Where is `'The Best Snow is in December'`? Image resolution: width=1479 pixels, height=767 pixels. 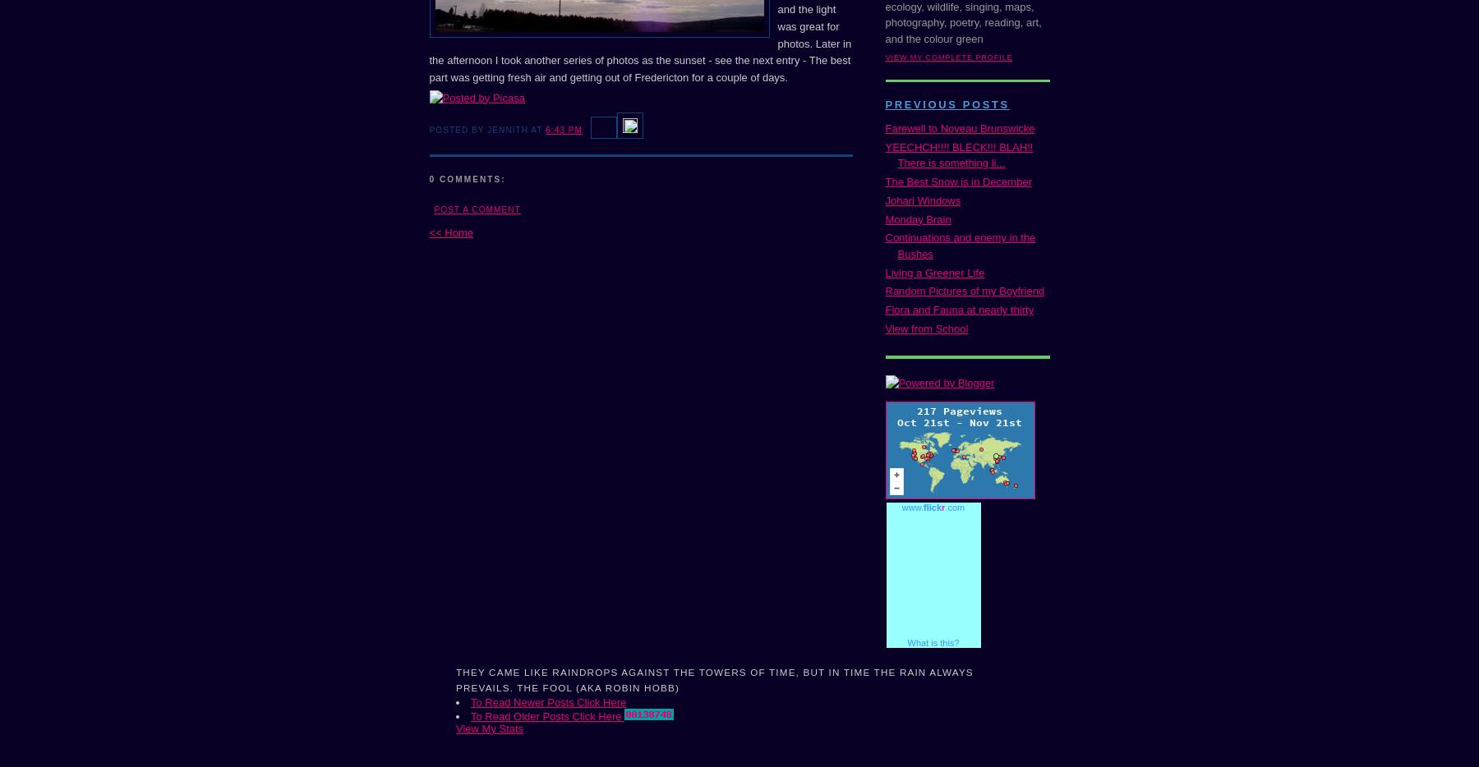
'The Best Snow is in December' is located at coordinates (957, 181).